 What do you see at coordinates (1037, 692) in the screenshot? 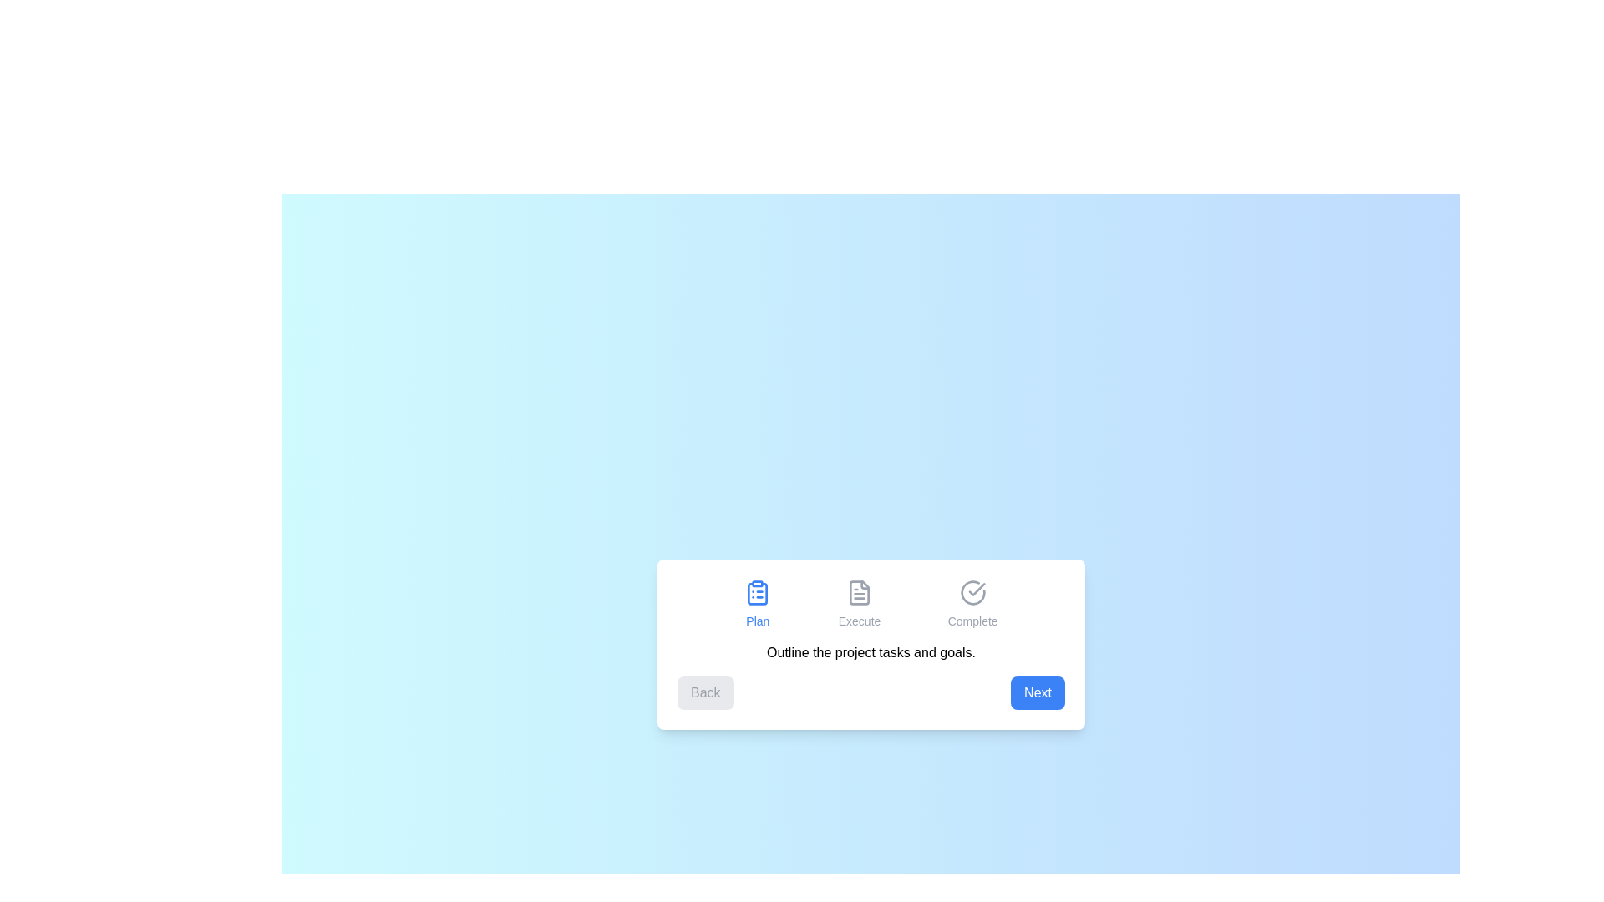
I see `the 'Next' button to proceed to the next step` at bounding box center [1037, 692].